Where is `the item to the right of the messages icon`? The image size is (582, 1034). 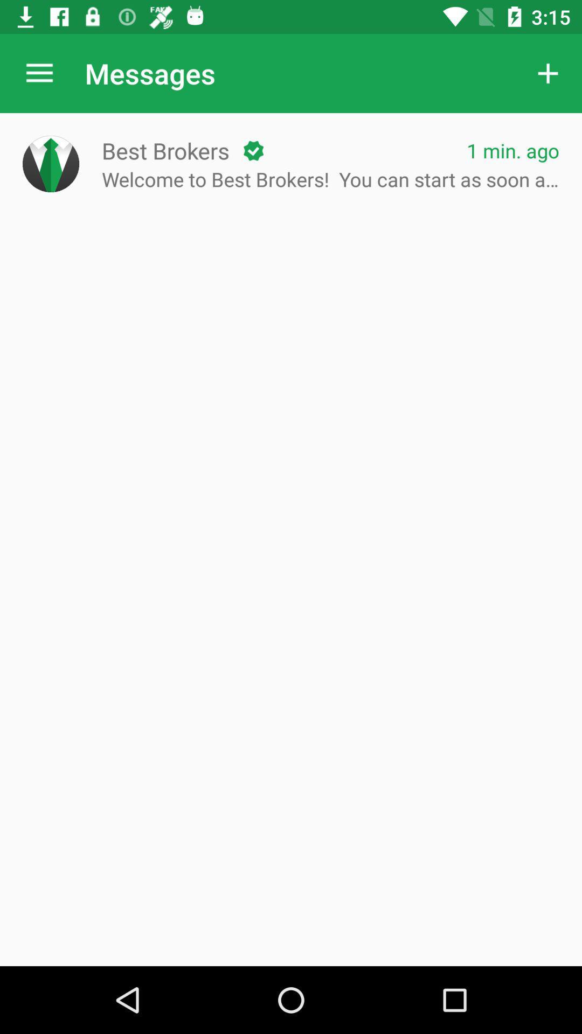
the item to the right of the messages icon is located at coordinates (548, 73).